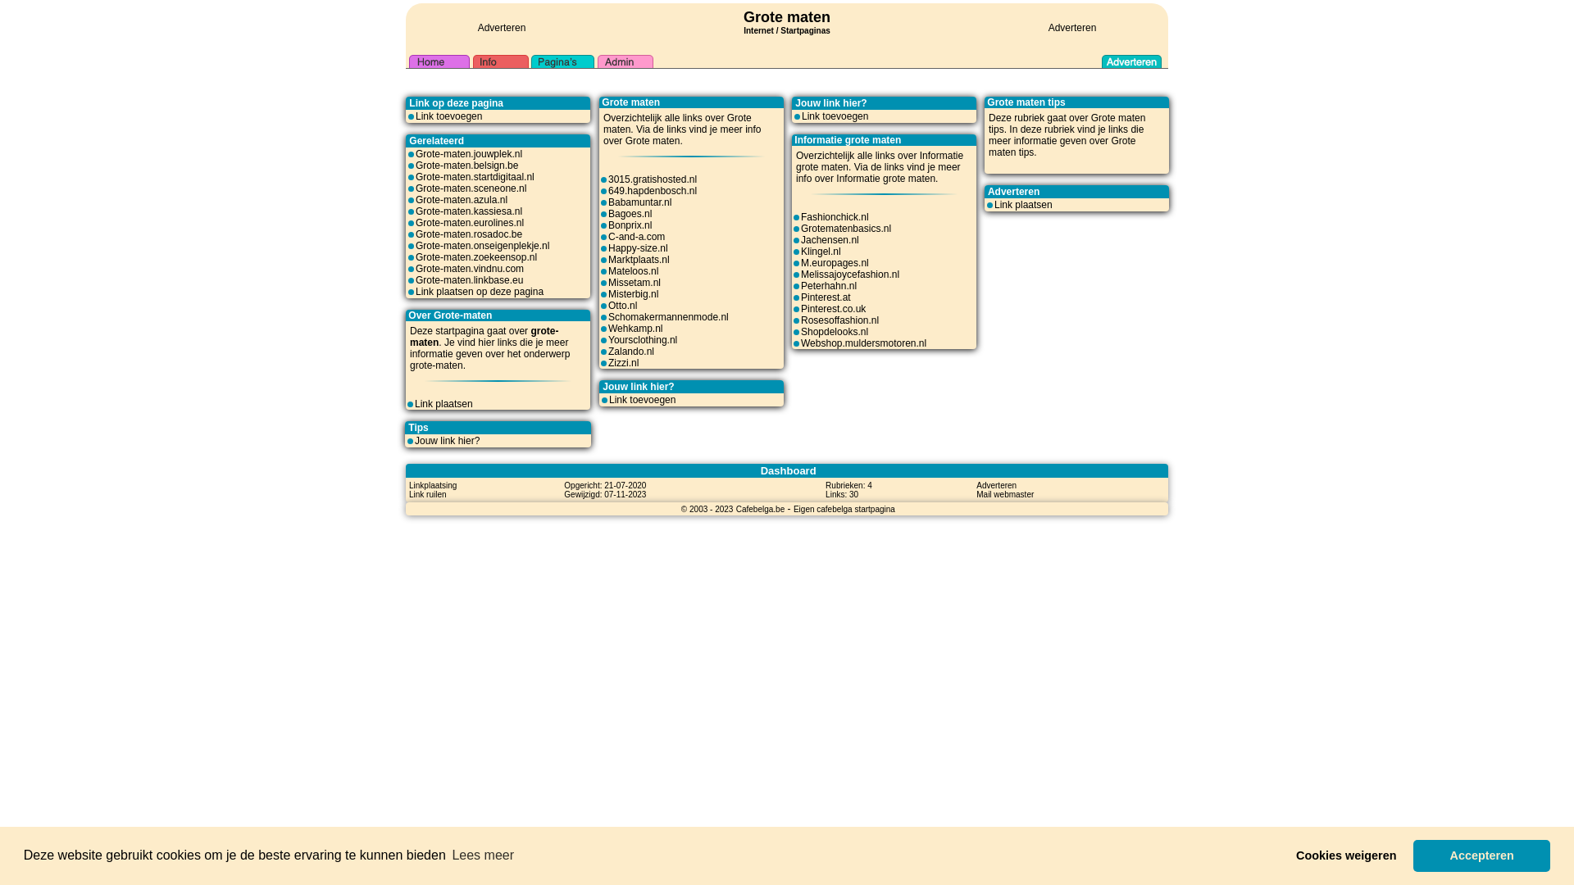 This screenshot has height=885, width=1574. I want to click on 'Bonprix.nl', so click(607, 225).